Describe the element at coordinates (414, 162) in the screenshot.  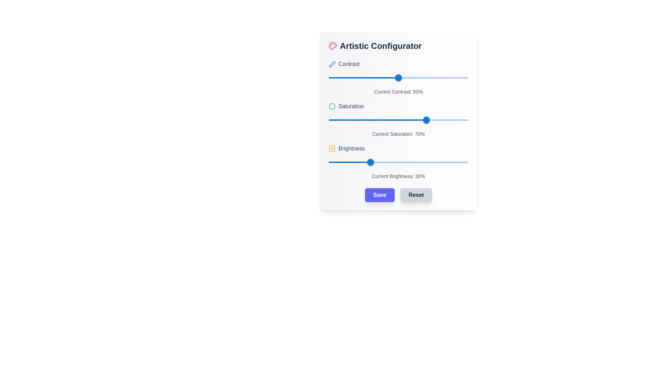
I see `the brightness` at that location.